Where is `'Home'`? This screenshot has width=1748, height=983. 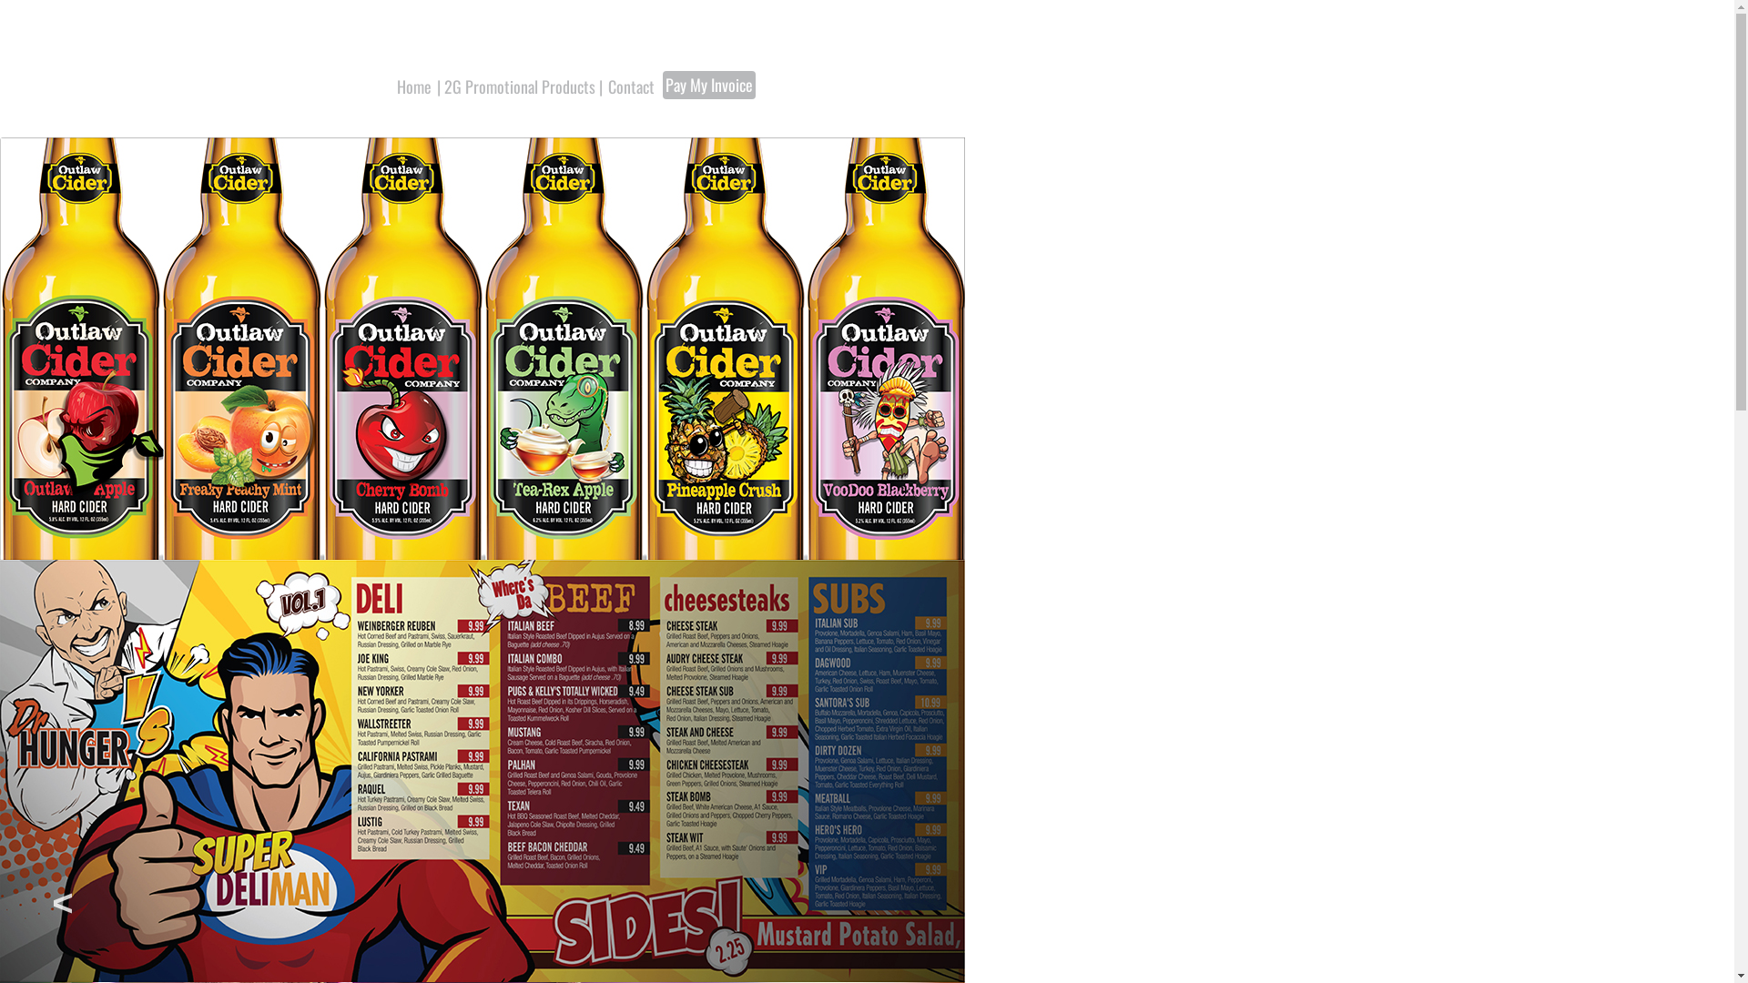 'Home' is located at coordinates (412, 86).